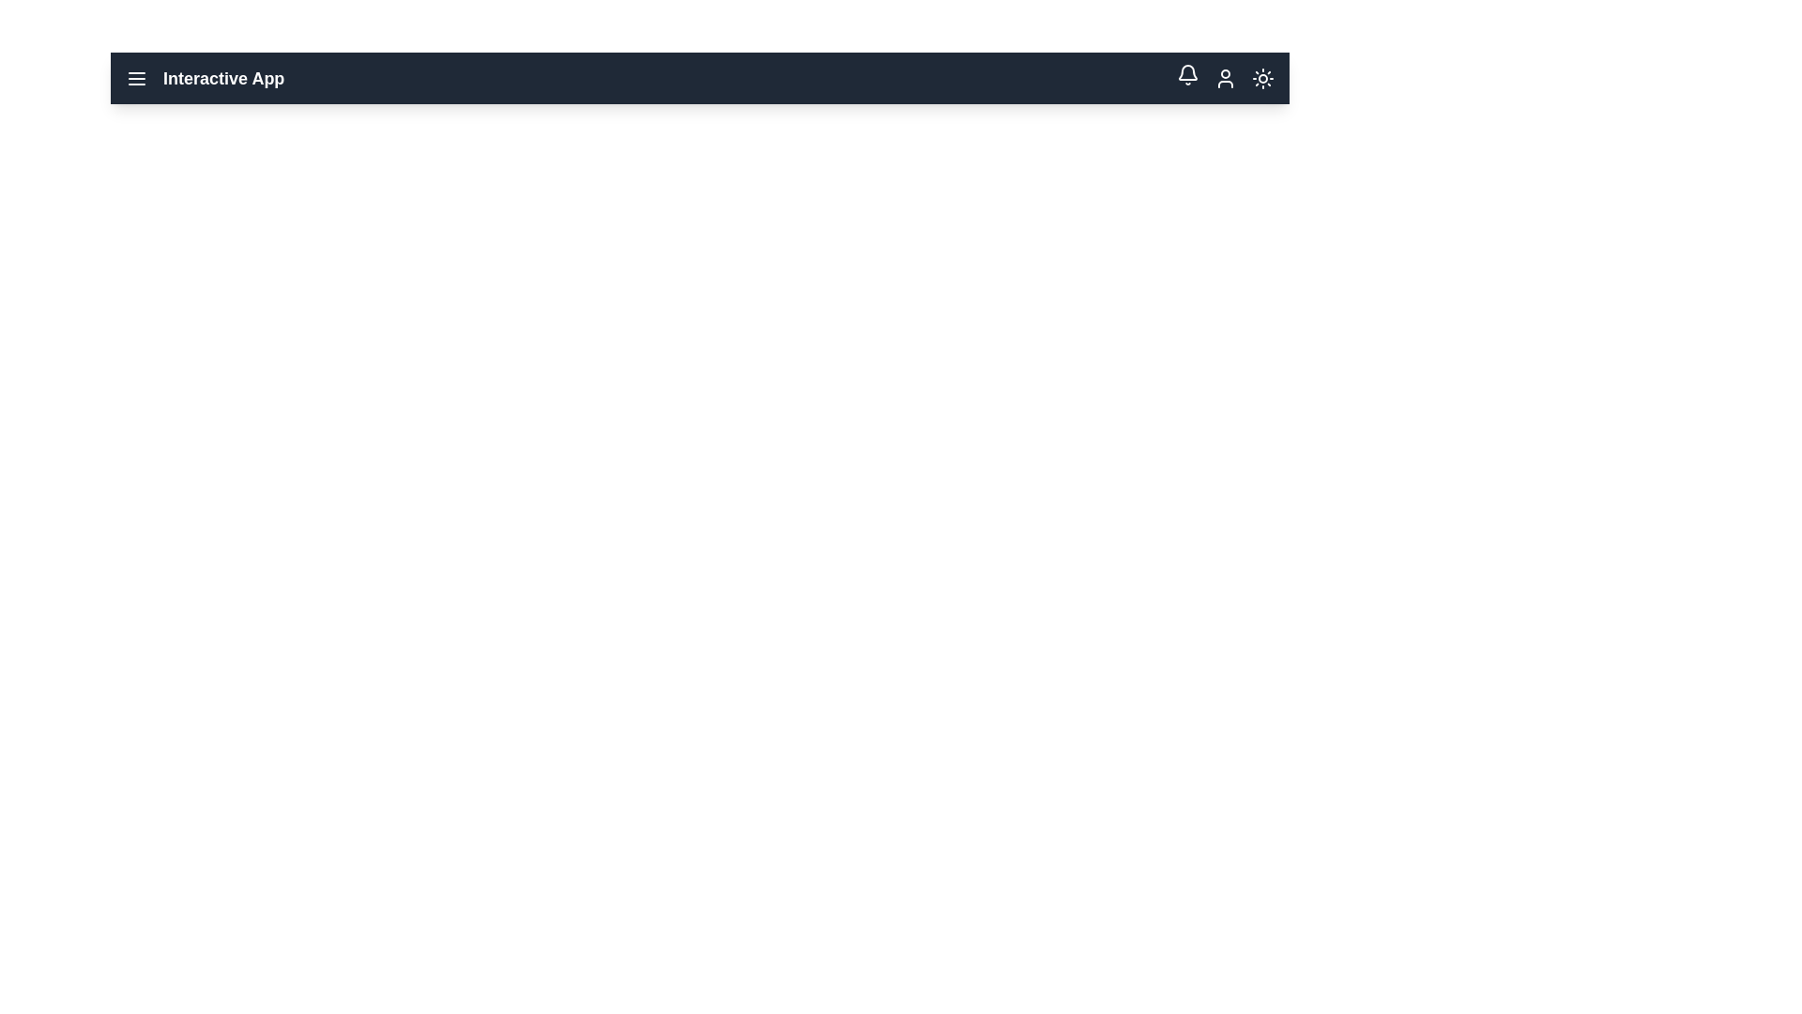  What do you see at coordinates (135, 77) in the screenshot?
I see `the menu icon to open the navigation menu` at bounding box center [135, 77].